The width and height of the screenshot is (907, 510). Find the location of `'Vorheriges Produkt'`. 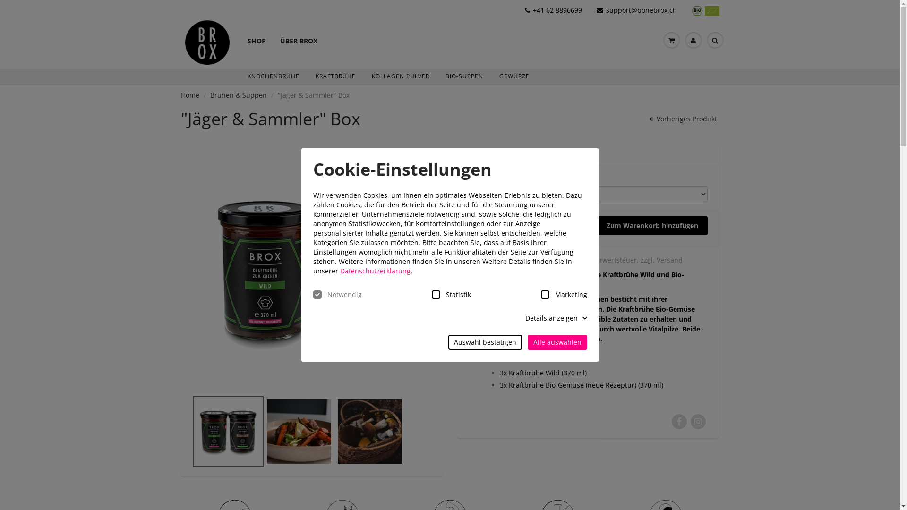

'Vorheriges Produkt' is located at coordinates (645, 118).